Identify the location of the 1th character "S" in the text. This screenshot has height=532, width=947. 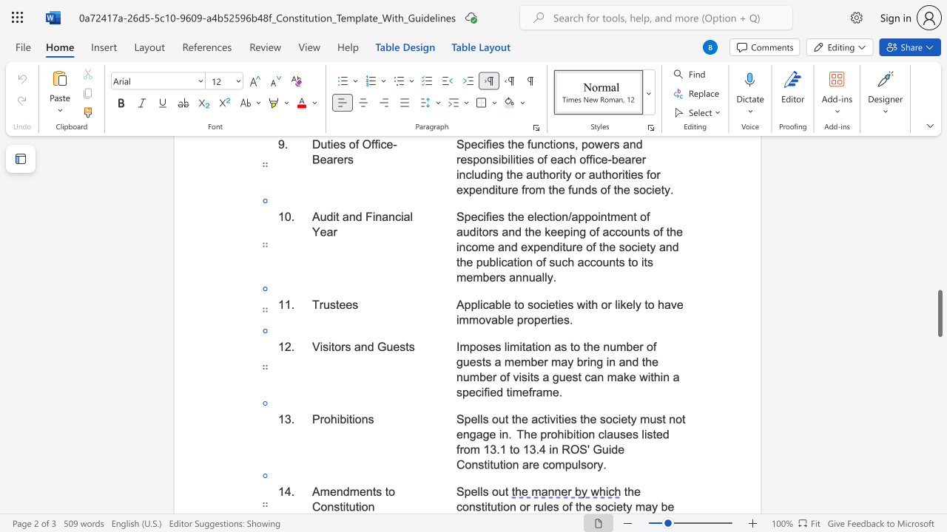
(459, 491).